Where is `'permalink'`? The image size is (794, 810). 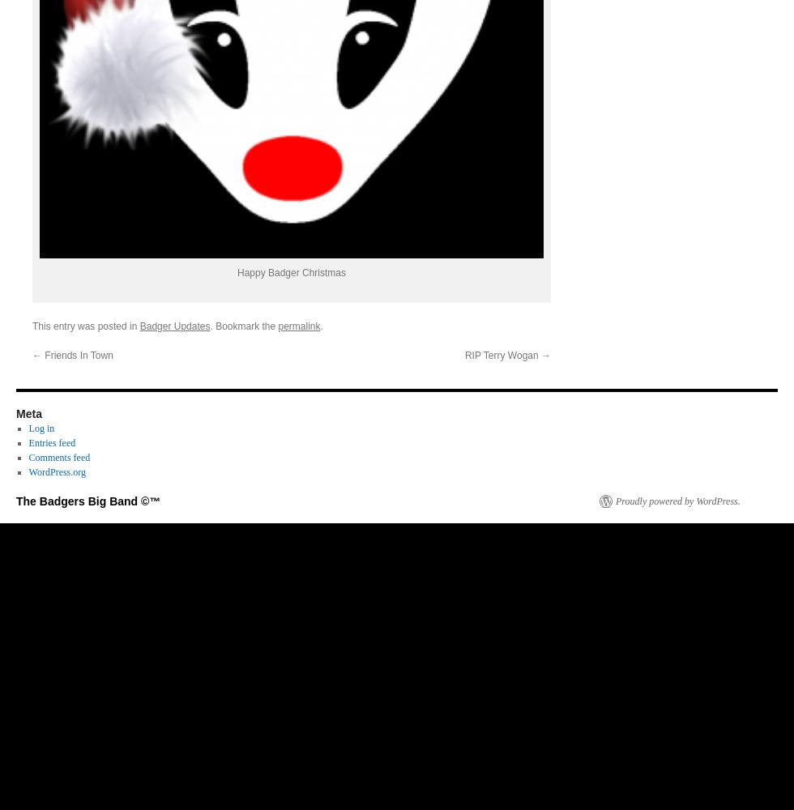 'permalink' is located at coordinates (298, 326).